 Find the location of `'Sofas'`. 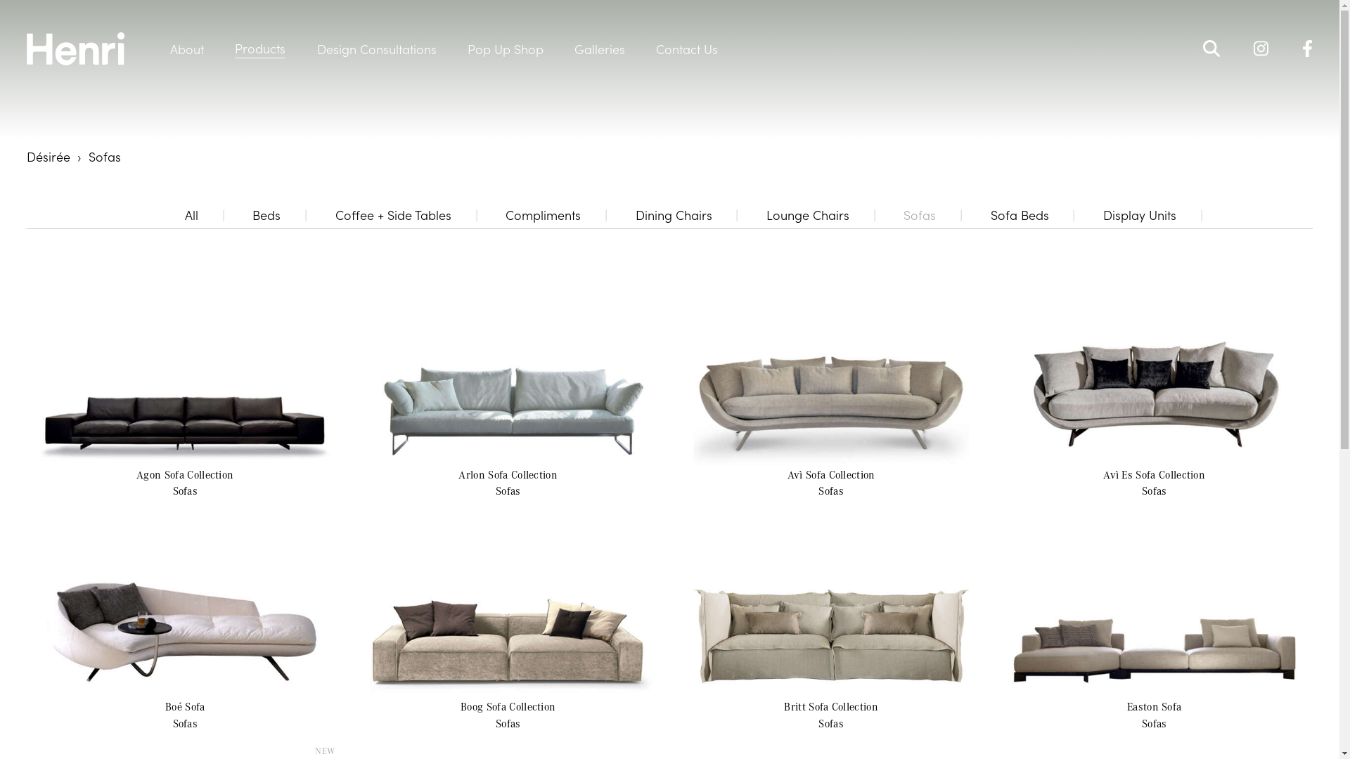

'Sofas' is located at coordinates (920, 214).